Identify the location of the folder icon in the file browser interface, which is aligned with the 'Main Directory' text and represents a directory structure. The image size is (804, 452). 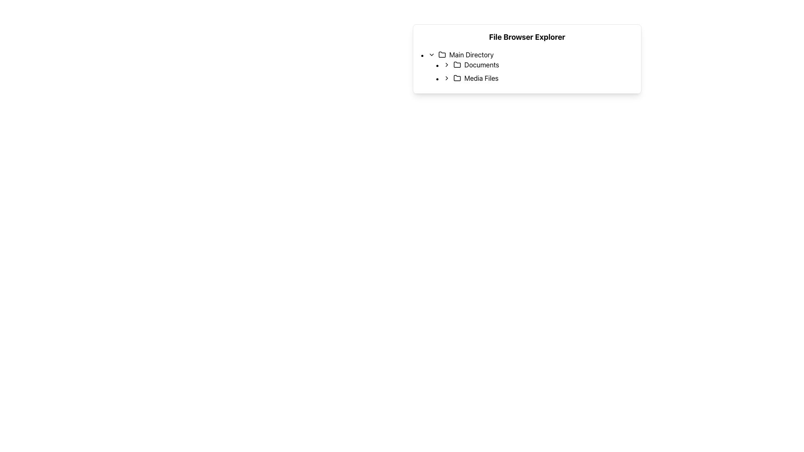
(442, 54).